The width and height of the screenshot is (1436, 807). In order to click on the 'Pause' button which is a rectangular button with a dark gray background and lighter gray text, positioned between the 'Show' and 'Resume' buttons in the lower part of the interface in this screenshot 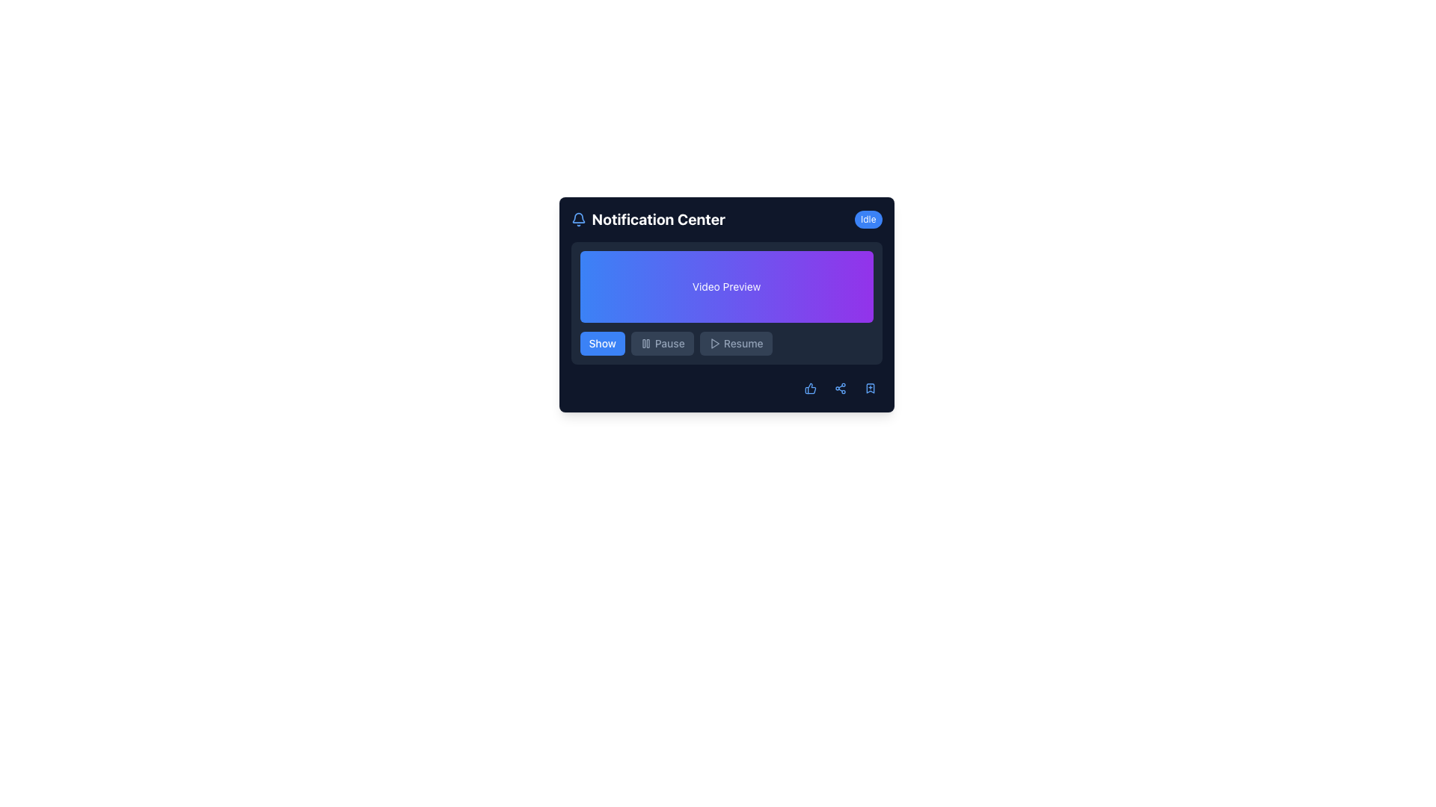, I will do `click(661, 343)`.